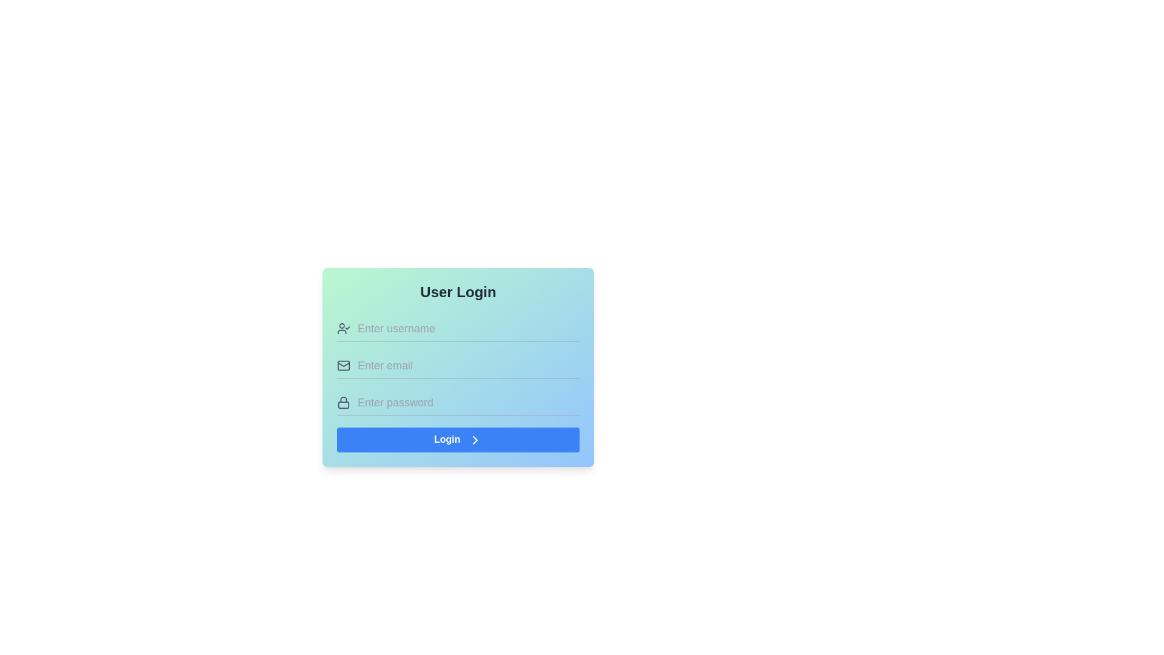 This screenshot has height=655, width=1164. Describe the element at coordinates (457, 440) in the screenshot. I see `the 'Login' button at the bottom of the 'User Login' form, which has a blue background and white text with a right-facing chevron icon` at that location.